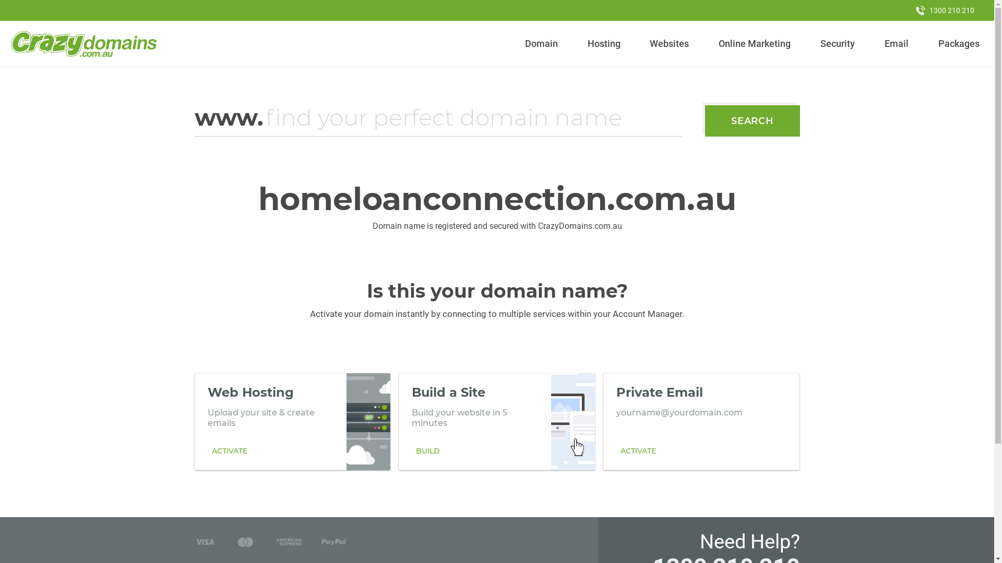  Describe the element at coordinates (603, 43) in the screenshot. I see `'Hosting'` at that location.